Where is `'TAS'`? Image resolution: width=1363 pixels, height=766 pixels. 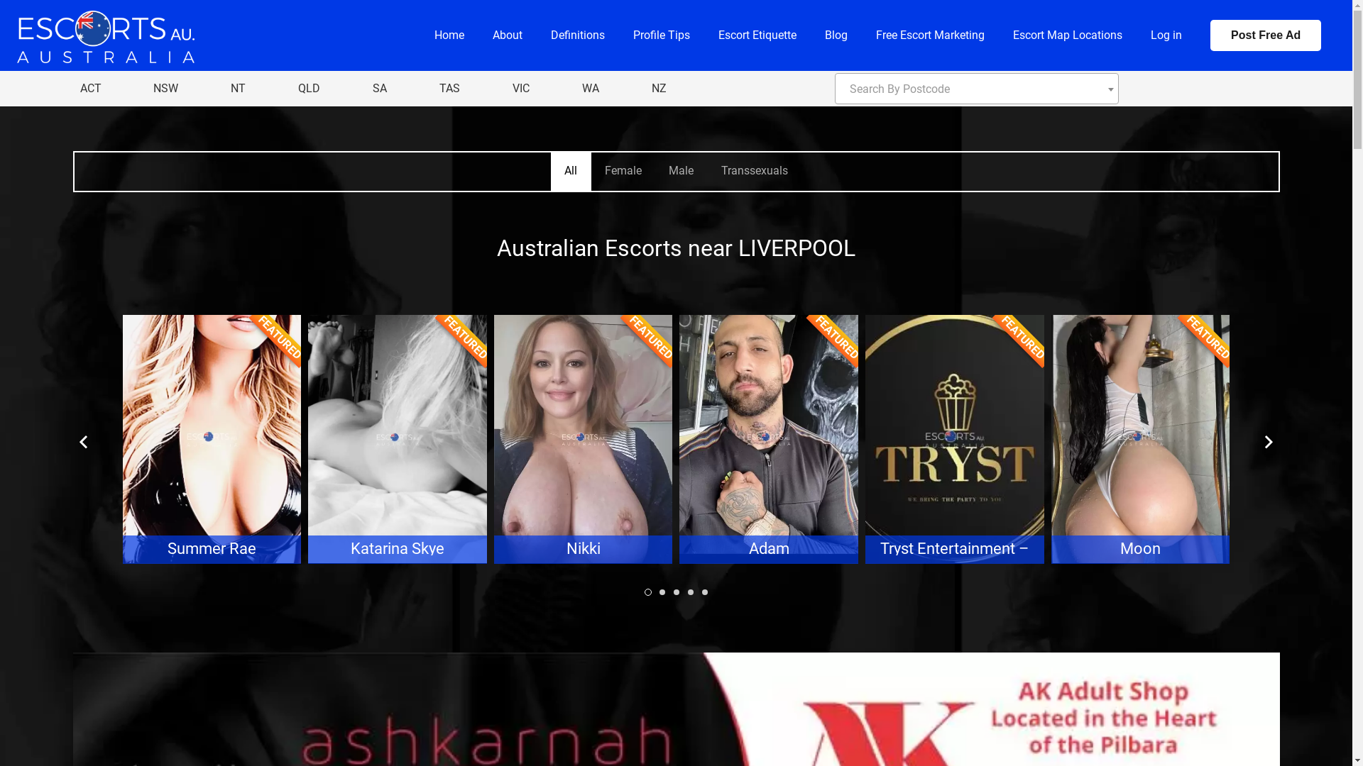 'TAS' is located at coordinates (449, 88).